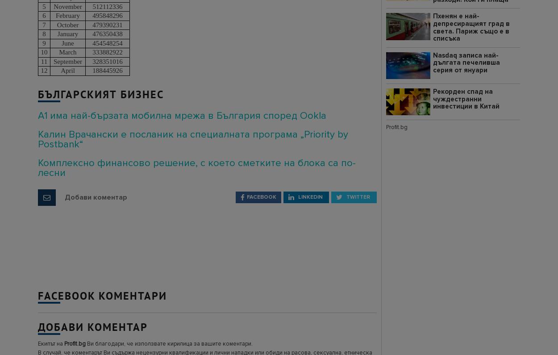 This screenshot has height=355, width=558. What do you see at coordinates (309, 196) in the screenshot?
I see `'linkedin'` at bounding box center [309, 196].